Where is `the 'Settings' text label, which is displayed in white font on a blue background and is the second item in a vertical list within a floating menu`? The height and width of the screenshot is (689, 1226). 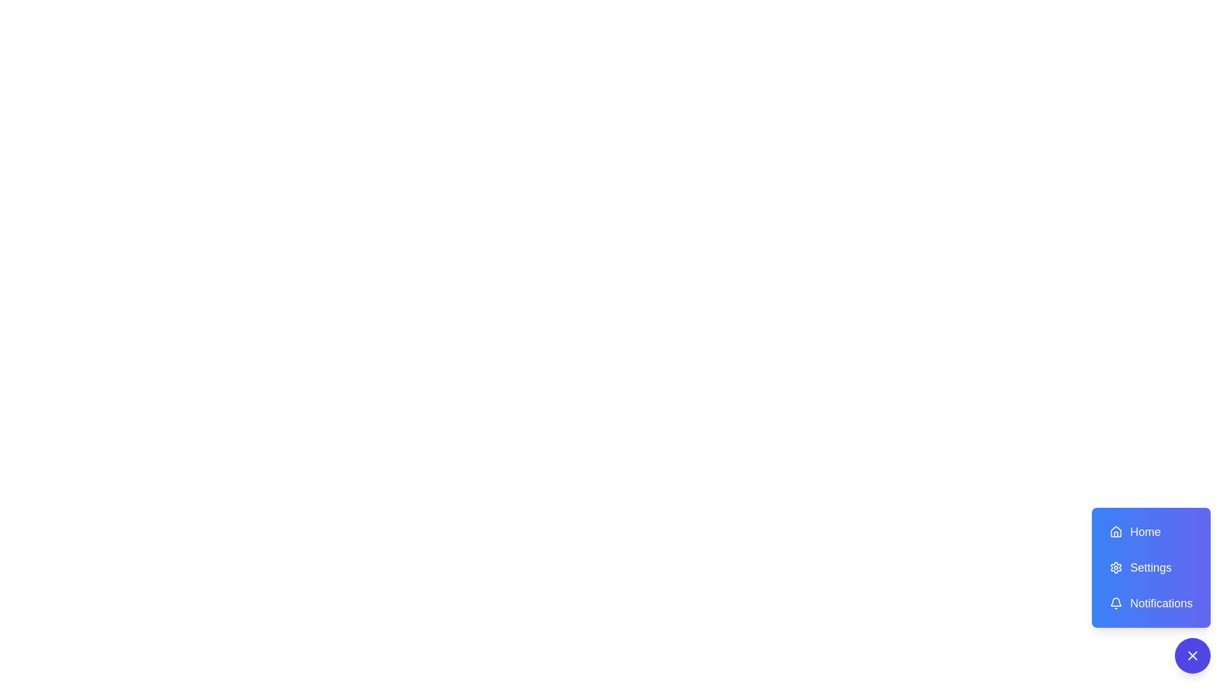 the 'Settings' text label, which is displayed in white font on a blue background and is the second item in a vertical list within a floating menu is located at coordinates (1151, 567).